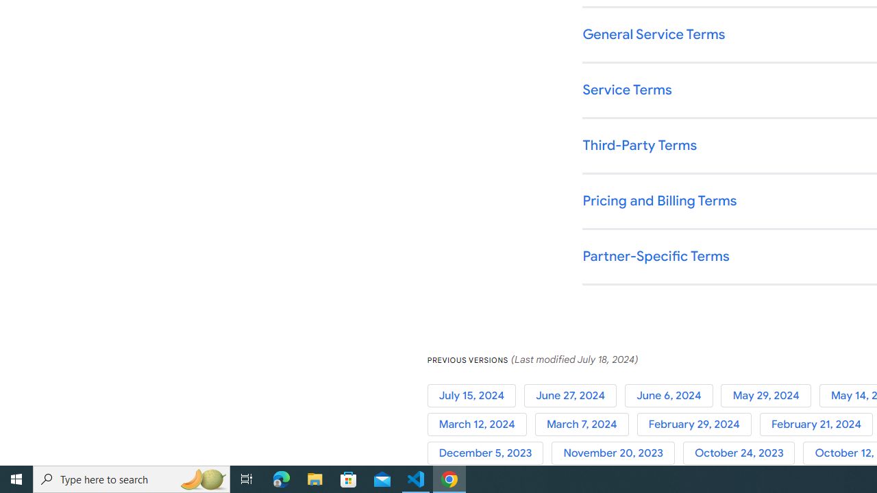 Image resolution: width=877 pixels, height=493 pixels. What do you see at coordinates (617, 453) in the screenshot?
I see `'November 20, 2023'` at bounding box center [617, 453].